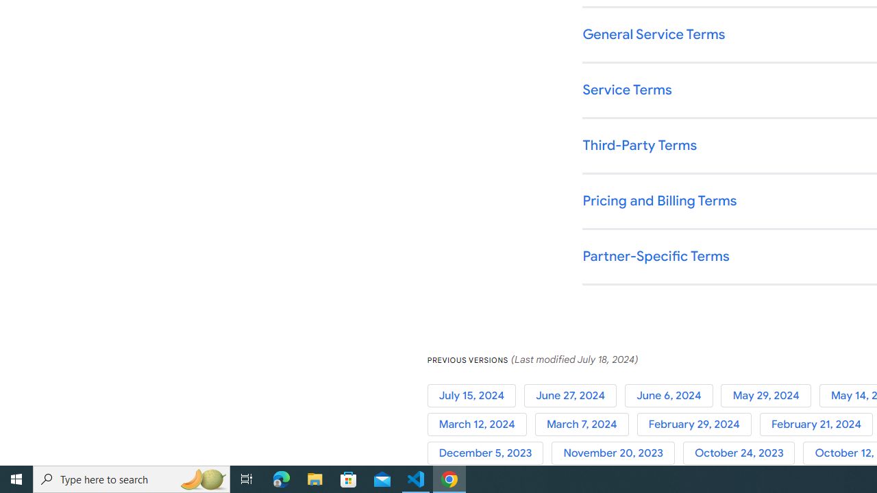 Image resolution: width=877 pixels, height=493 pixels. What do you see at coordinates (617, 453) in the screenshot?
I see `'November 20, 2023'` at bounding box center [617, 453].